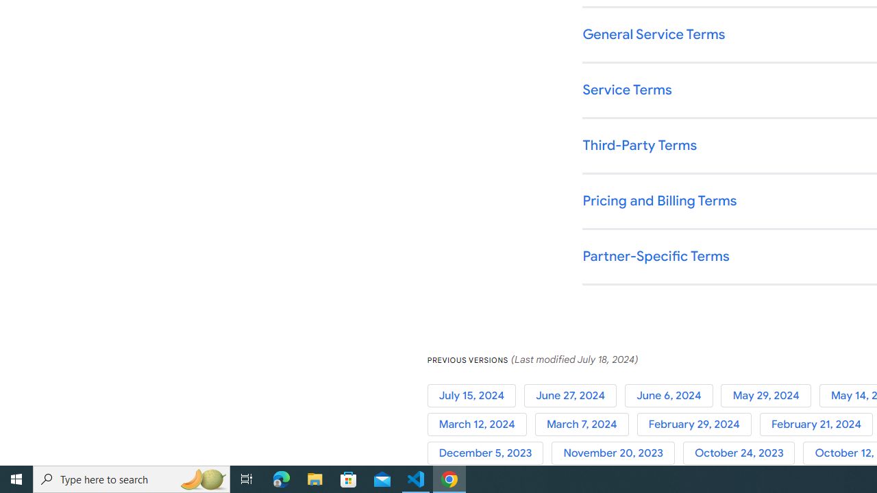 Image resolution: width=877 pixels, height=493 pixels. What do you see at coordinates (617, 453) in the screenshot?
I see `'November 20, 2023'` at bounding box center [617, 453].